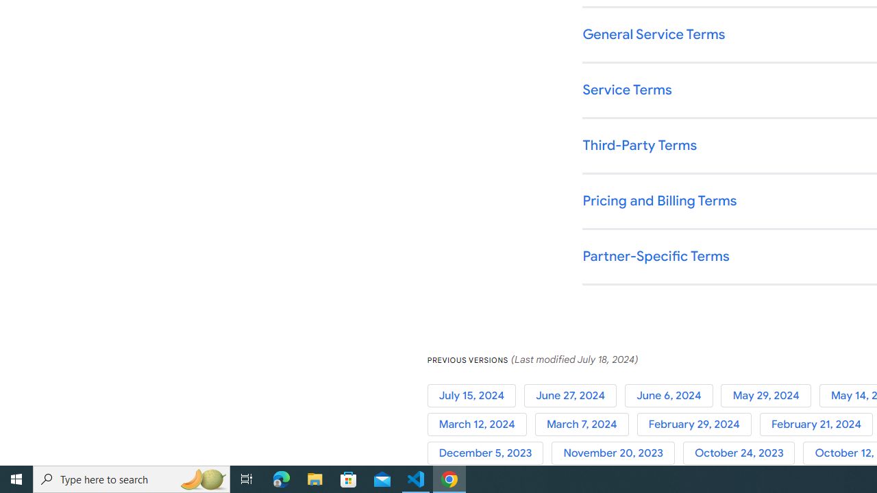 Image resolution: width=877 pixels, height=493 pixels. What do you see at coordinates (617, 453) in the screenshot?
I see `'November 20, 2023'` at bounding box center [617, 453].